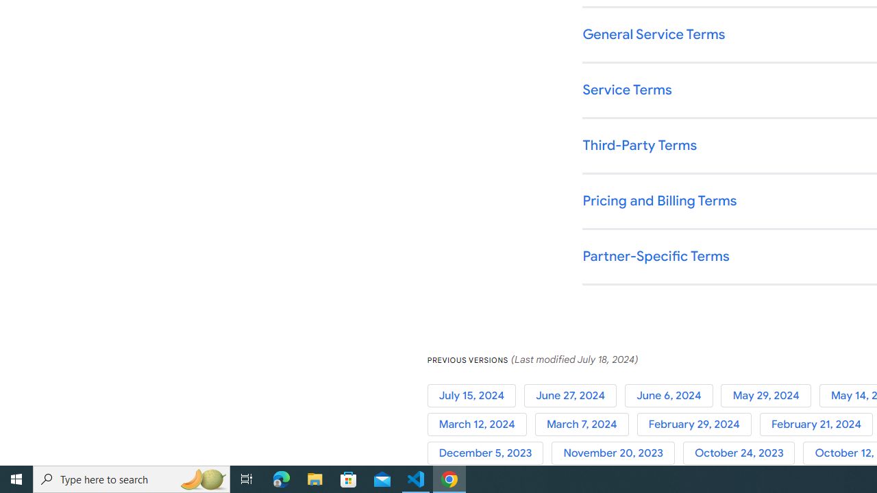 Image resolution: width=877 pixels, height=493 pixels. What do you see at coordinates (617, 453) in the screenshot?
I see `'November 20, 2023'` at bounding box center [617, 453].